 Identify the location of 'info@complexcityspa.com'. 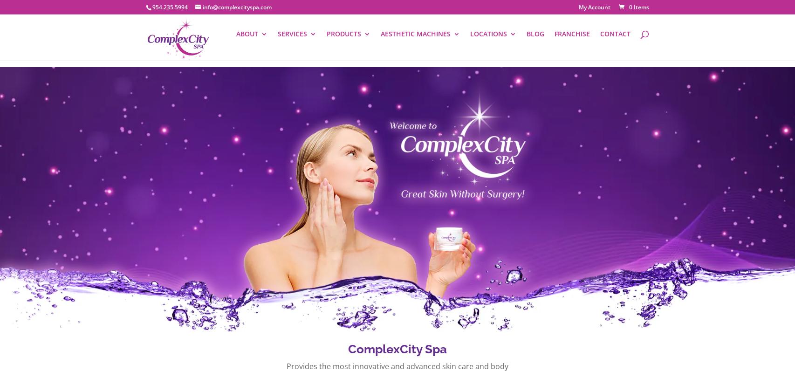
(237, 7).